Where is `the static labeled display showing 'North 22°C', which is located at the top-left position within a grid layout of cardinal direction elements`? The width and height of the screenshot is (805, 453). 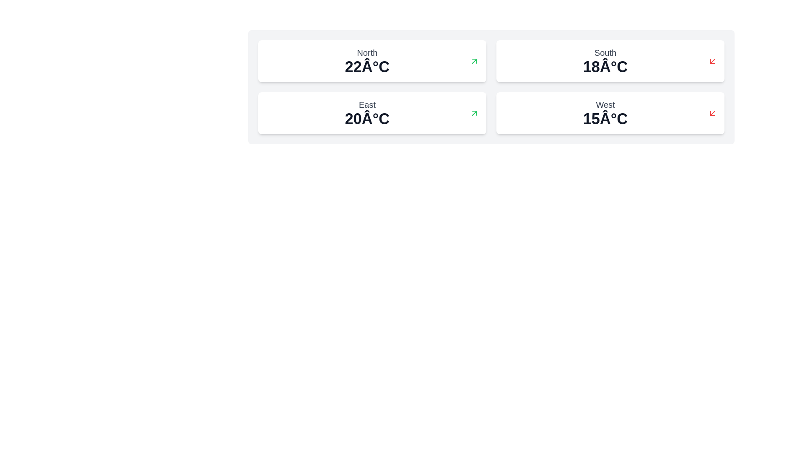 the static labeled display showing 'North 22°C', which is located at the top-left position within a grid layout of cardinal direction elements is located at coordinates (367, 61).